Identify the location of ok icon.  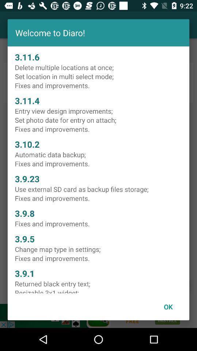
(168, 307).